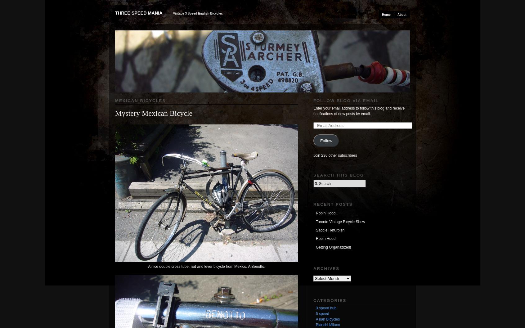 The height and width of the screenshot is (328, 525). What do you see at coordinates (316, 230) in the screenshot?
I see `'Saddle Refurbish'` at bounding box center [316, 230].